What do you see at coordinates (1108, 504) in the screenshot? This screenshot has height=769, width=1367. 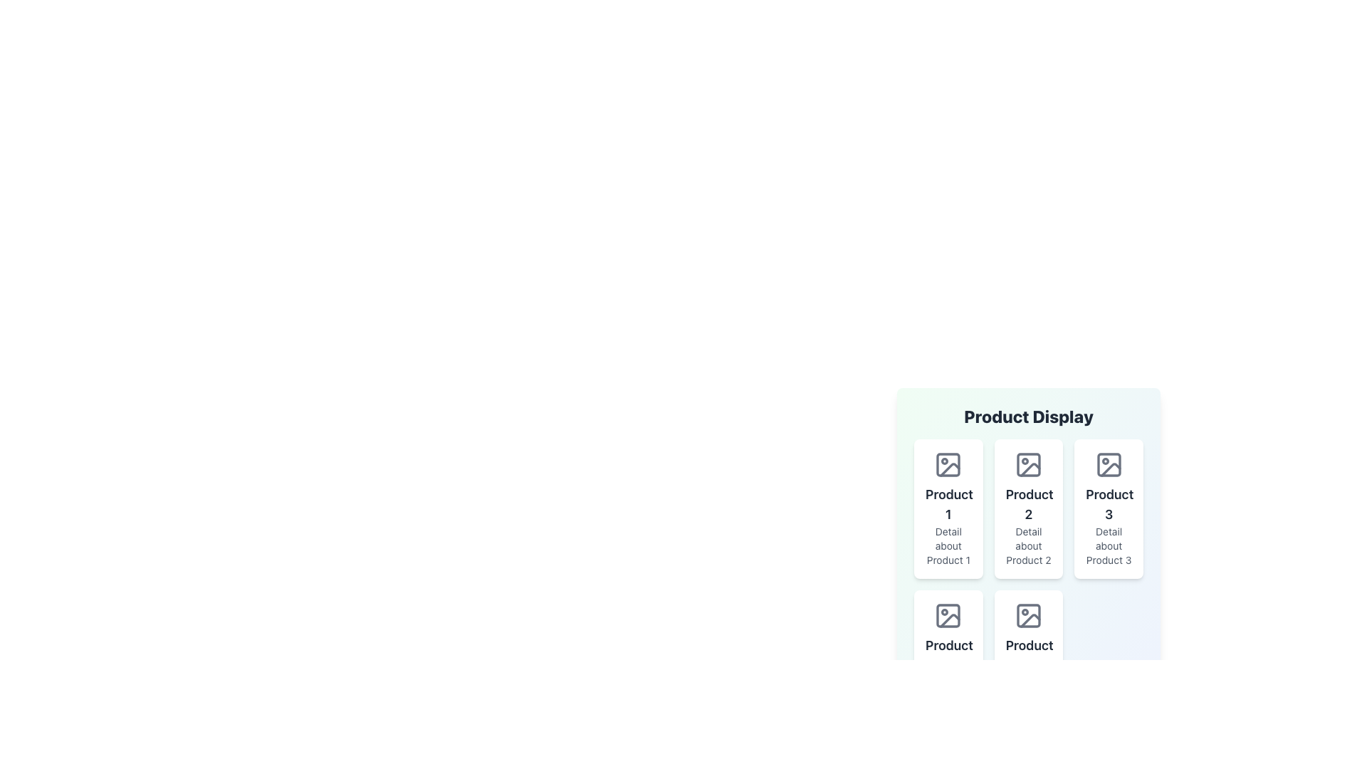 I see `the text label element displaying 'Product 3', which is styled as a title in bold and larger font, located in the top-right cell of a 2x3 grid layout` at bounding box center [1108, 504].